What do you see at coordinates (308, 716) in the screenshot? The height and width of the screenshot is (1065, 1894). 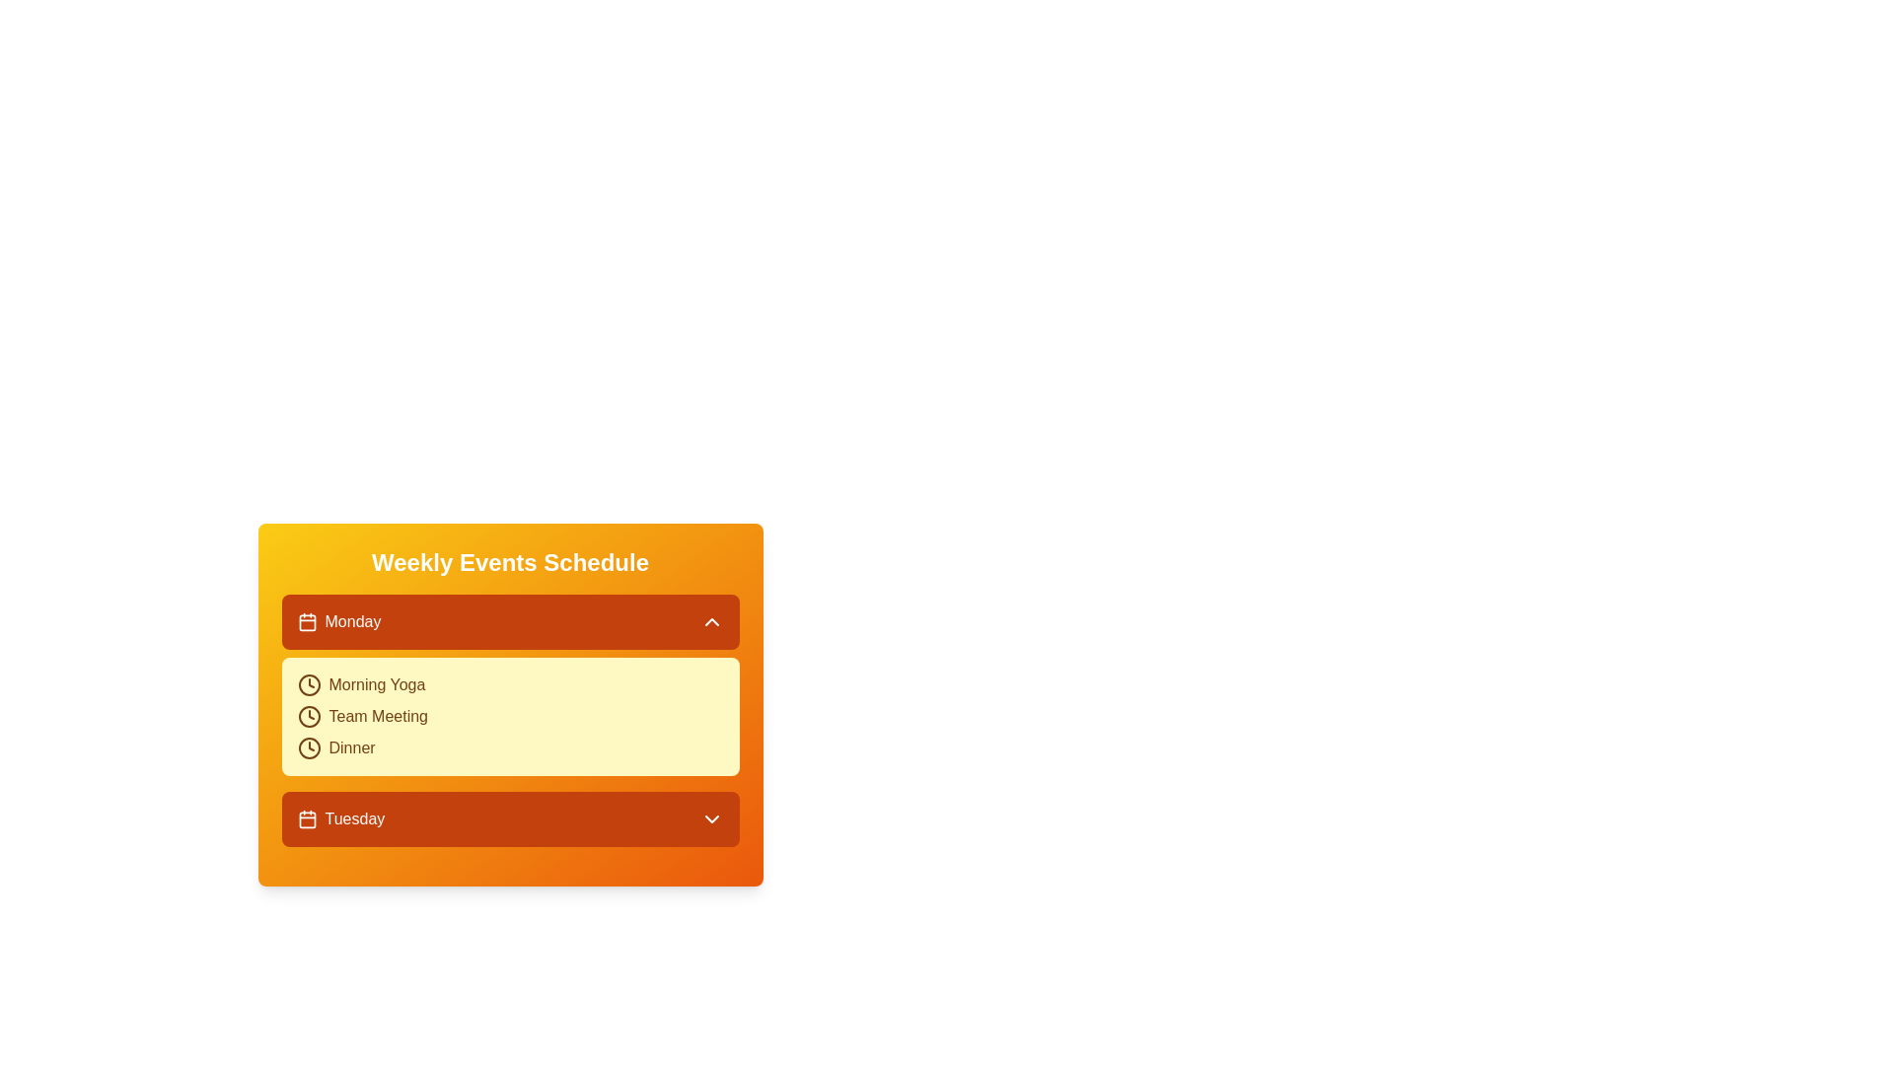 I see `the clock icon for the Team Meeting event` at bounding box center [308, 716].